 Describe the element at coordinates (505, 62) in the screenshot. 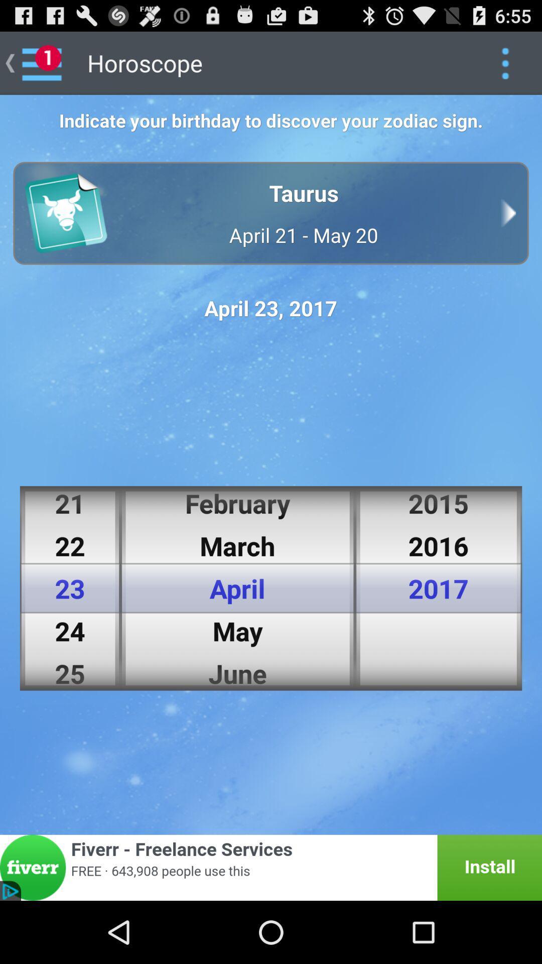

I see `menu` at that location.